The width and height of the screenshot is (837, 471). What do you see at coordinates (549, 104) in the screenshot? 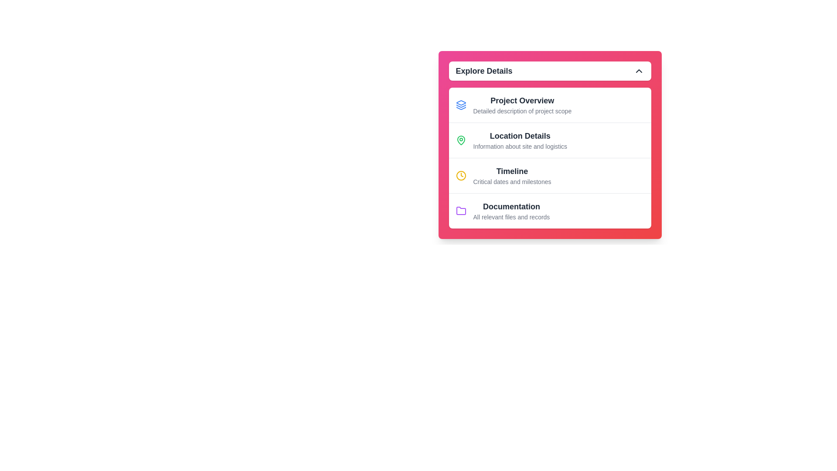
I see `the first item in the 'Explore Details' section` at bounding box center [549, 104].